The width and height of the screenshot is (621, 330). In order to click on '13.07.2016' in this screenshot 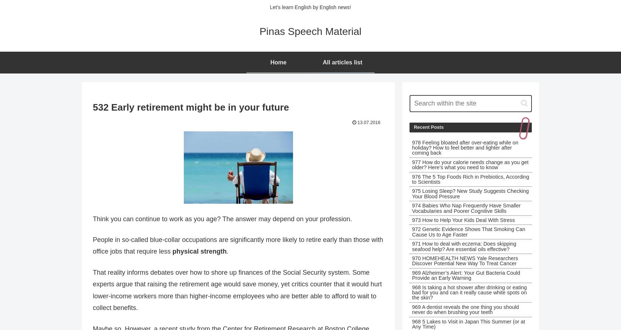, I will do `click(369, 122)`.